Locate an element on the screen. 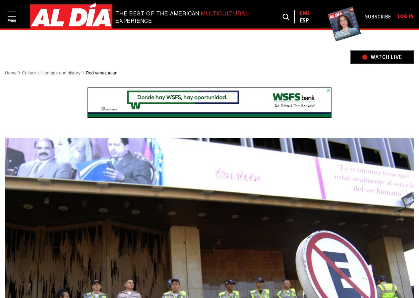  'EXPERIENCE' is located at coordinates (115, 21).